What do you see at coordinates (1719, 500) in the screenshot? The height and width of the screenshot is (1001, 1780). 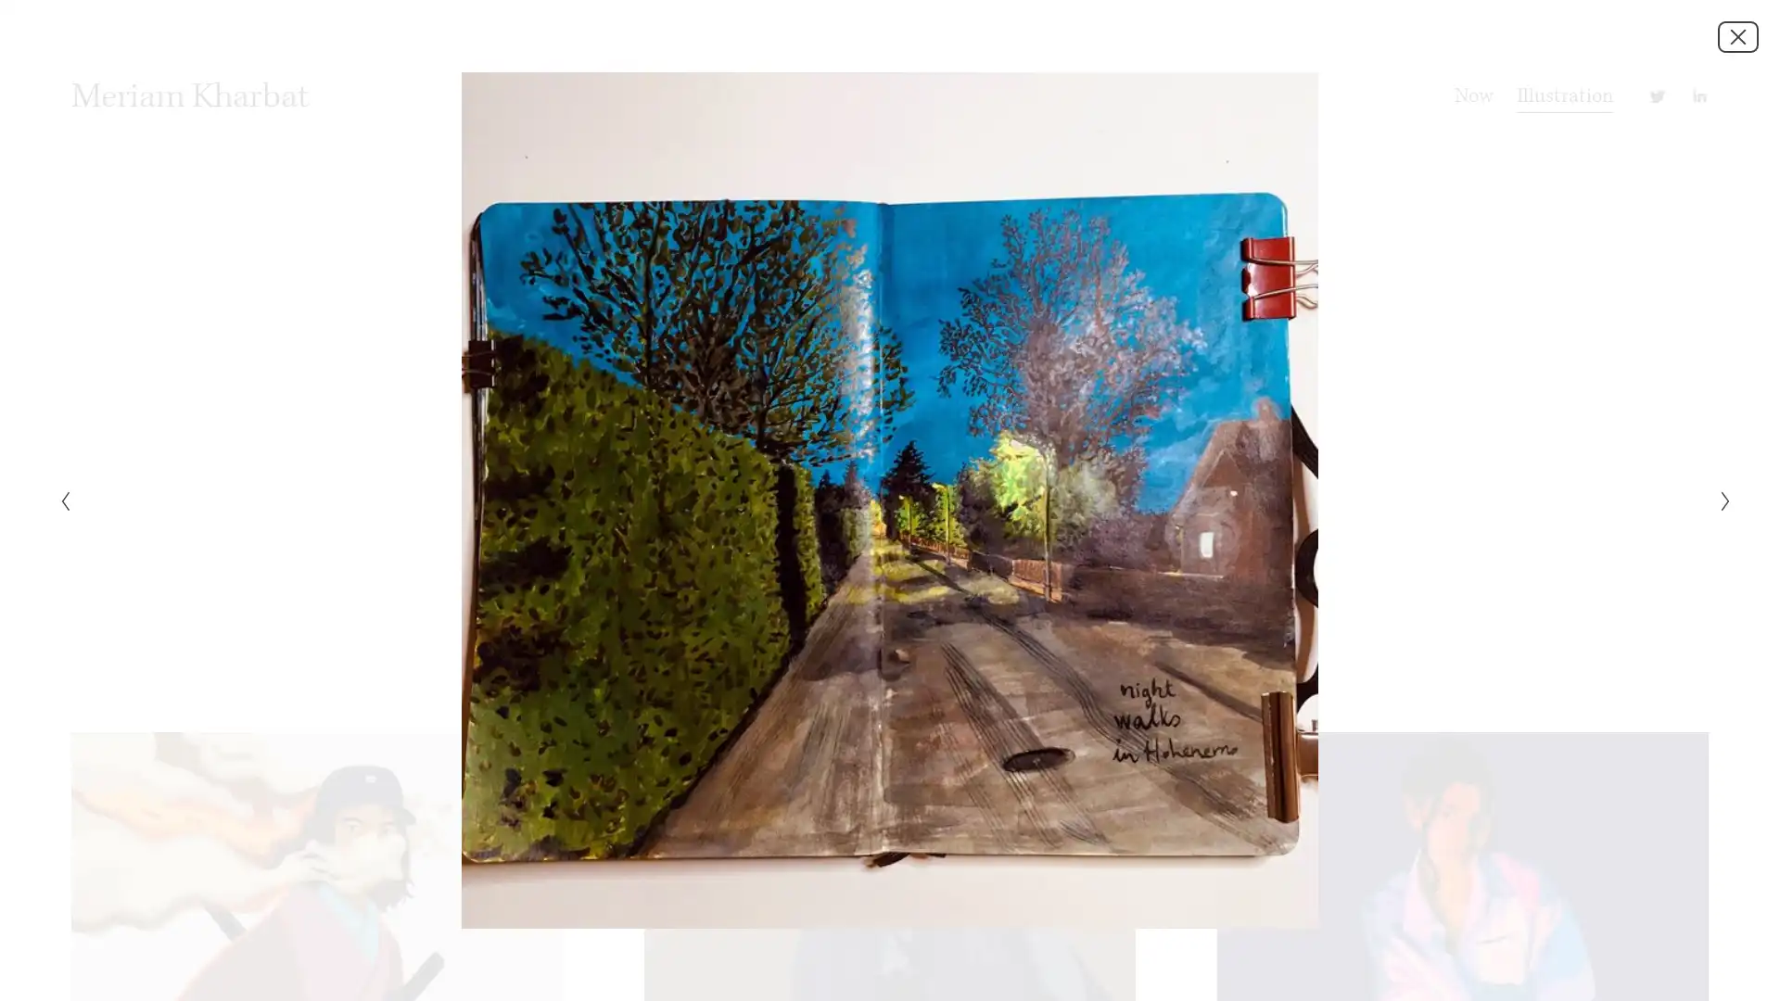 I see `Next Slide` at bounding box center [1719, 500].